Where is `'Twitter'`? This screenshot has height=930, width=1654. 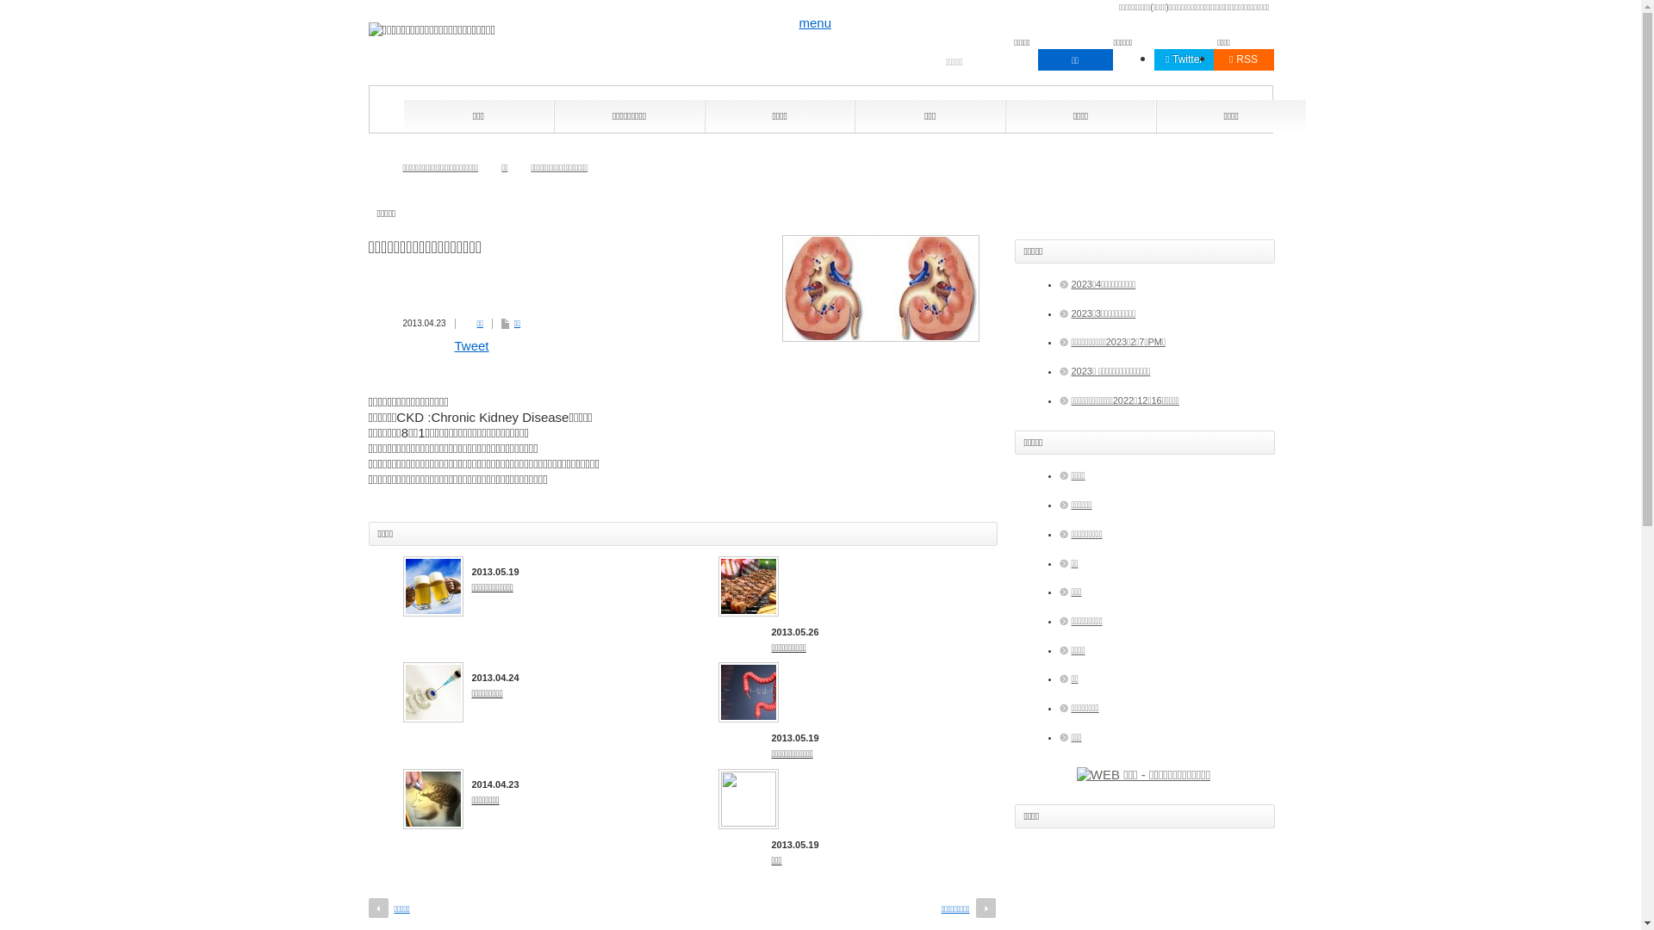
'Twitter' is located at coordinates (1183, 59).